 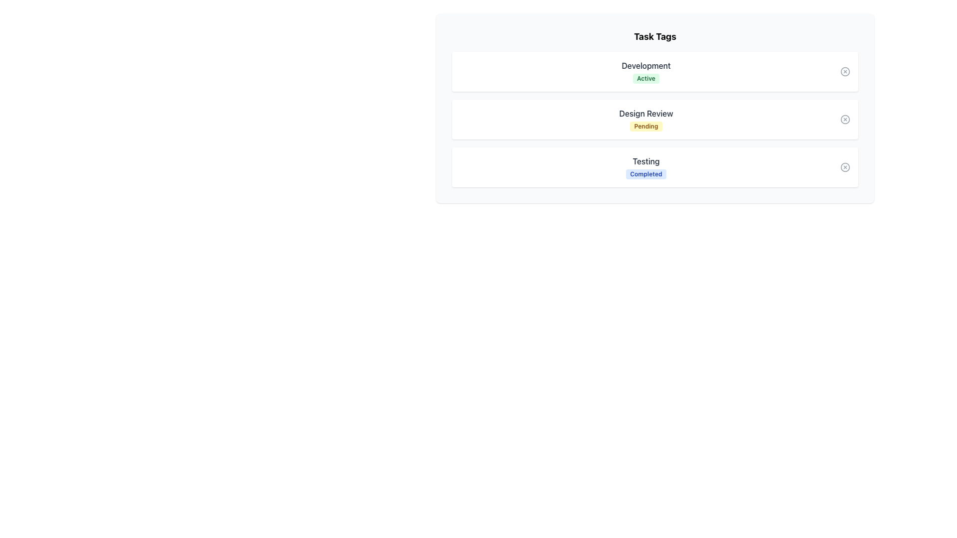 What do you see at coordinates (844, 119) in the screenshot?
I see `the dismiss button for the 'Design Review' entry to change its color to red` at bounding box center [844, 119].